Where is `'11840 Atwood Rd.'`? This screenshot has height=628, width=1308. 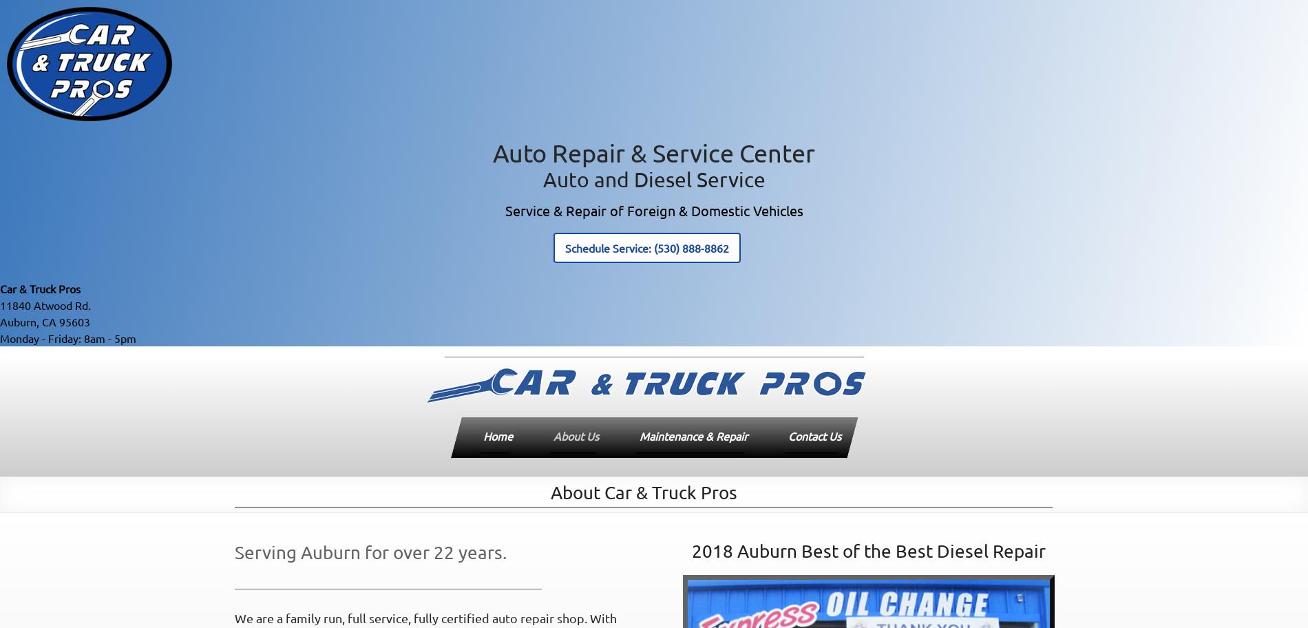 '11840 Atwood Rd.' is located at coordinates (45, 303).